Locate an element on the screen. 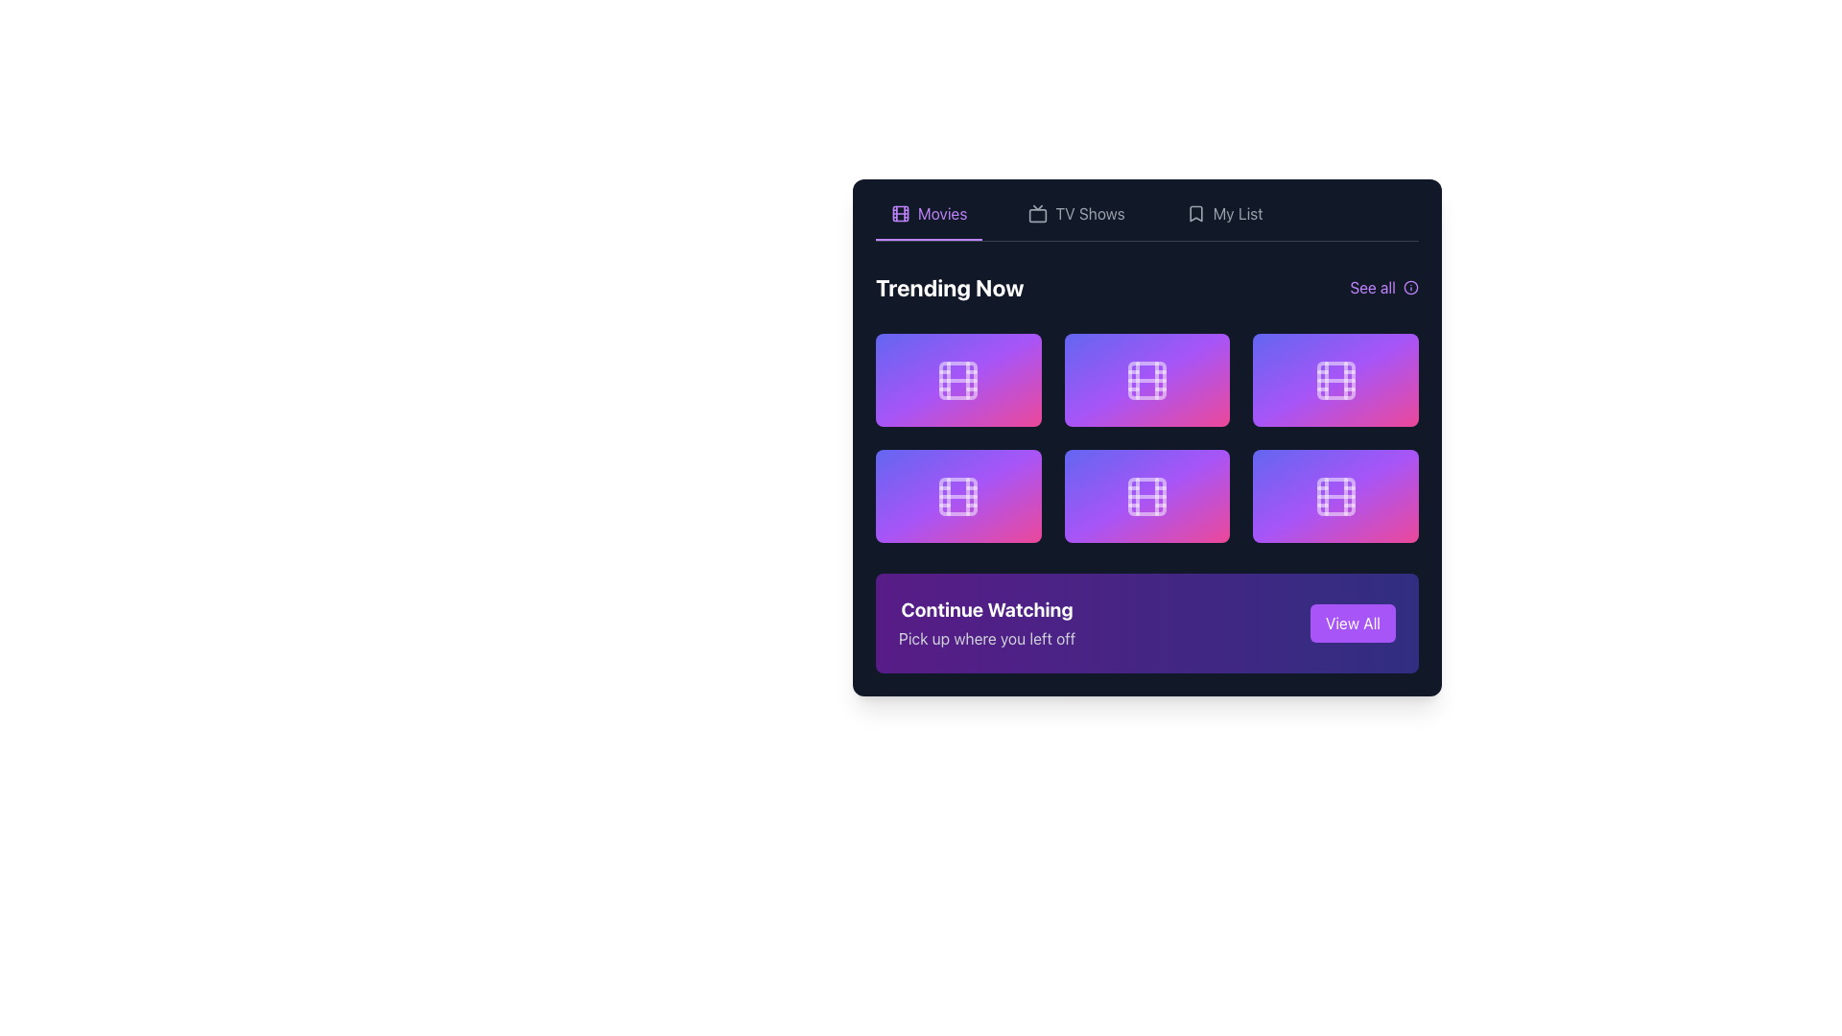  the film reel icon in the second row and first column under the 'Trending Now' section is located at coordinates (958, 495).